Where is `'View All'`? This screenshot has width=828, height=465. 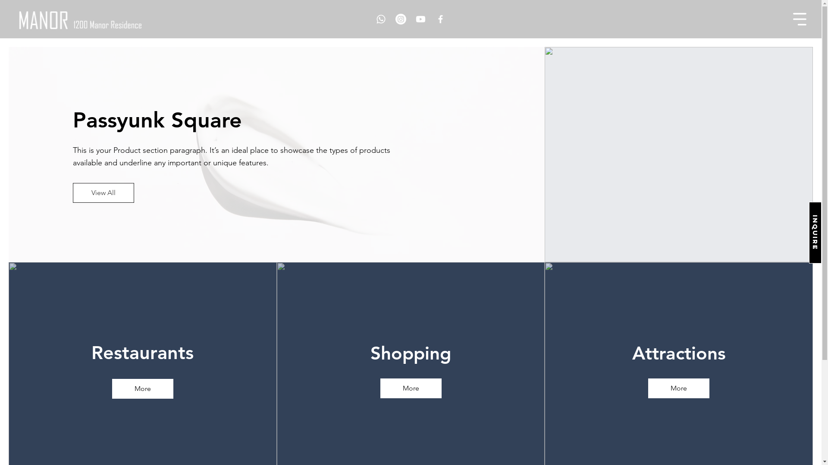 'View All' is located at coordinates (103, 192).